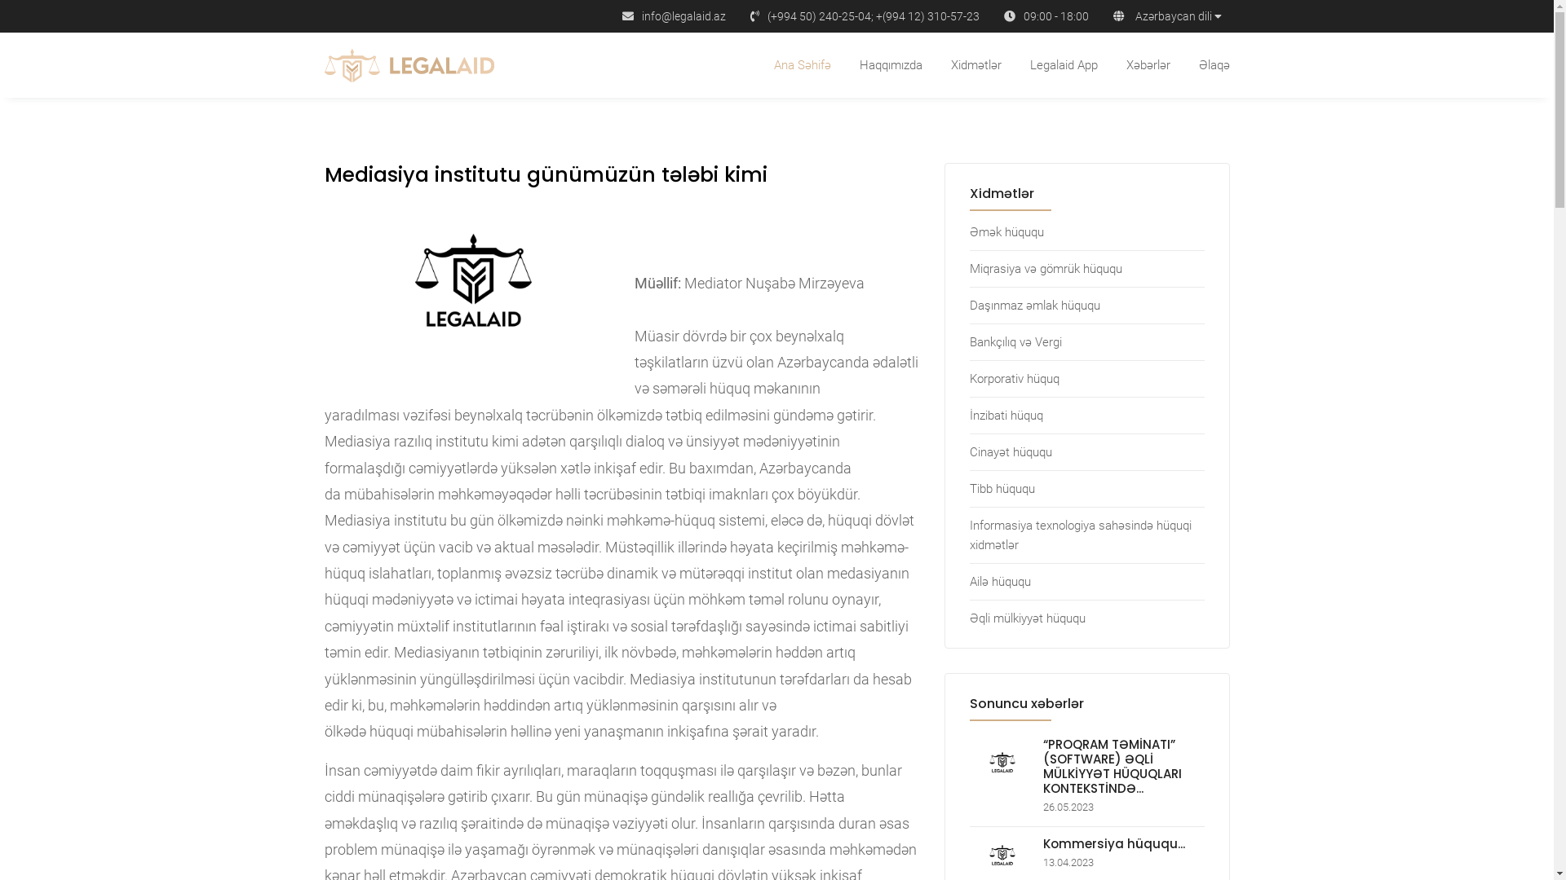 The height and width of the screenshot is (880, 1566). I want to click on '(+994 50) 240-25-04; +(994 12) 310-57-23', so click(872, 15).